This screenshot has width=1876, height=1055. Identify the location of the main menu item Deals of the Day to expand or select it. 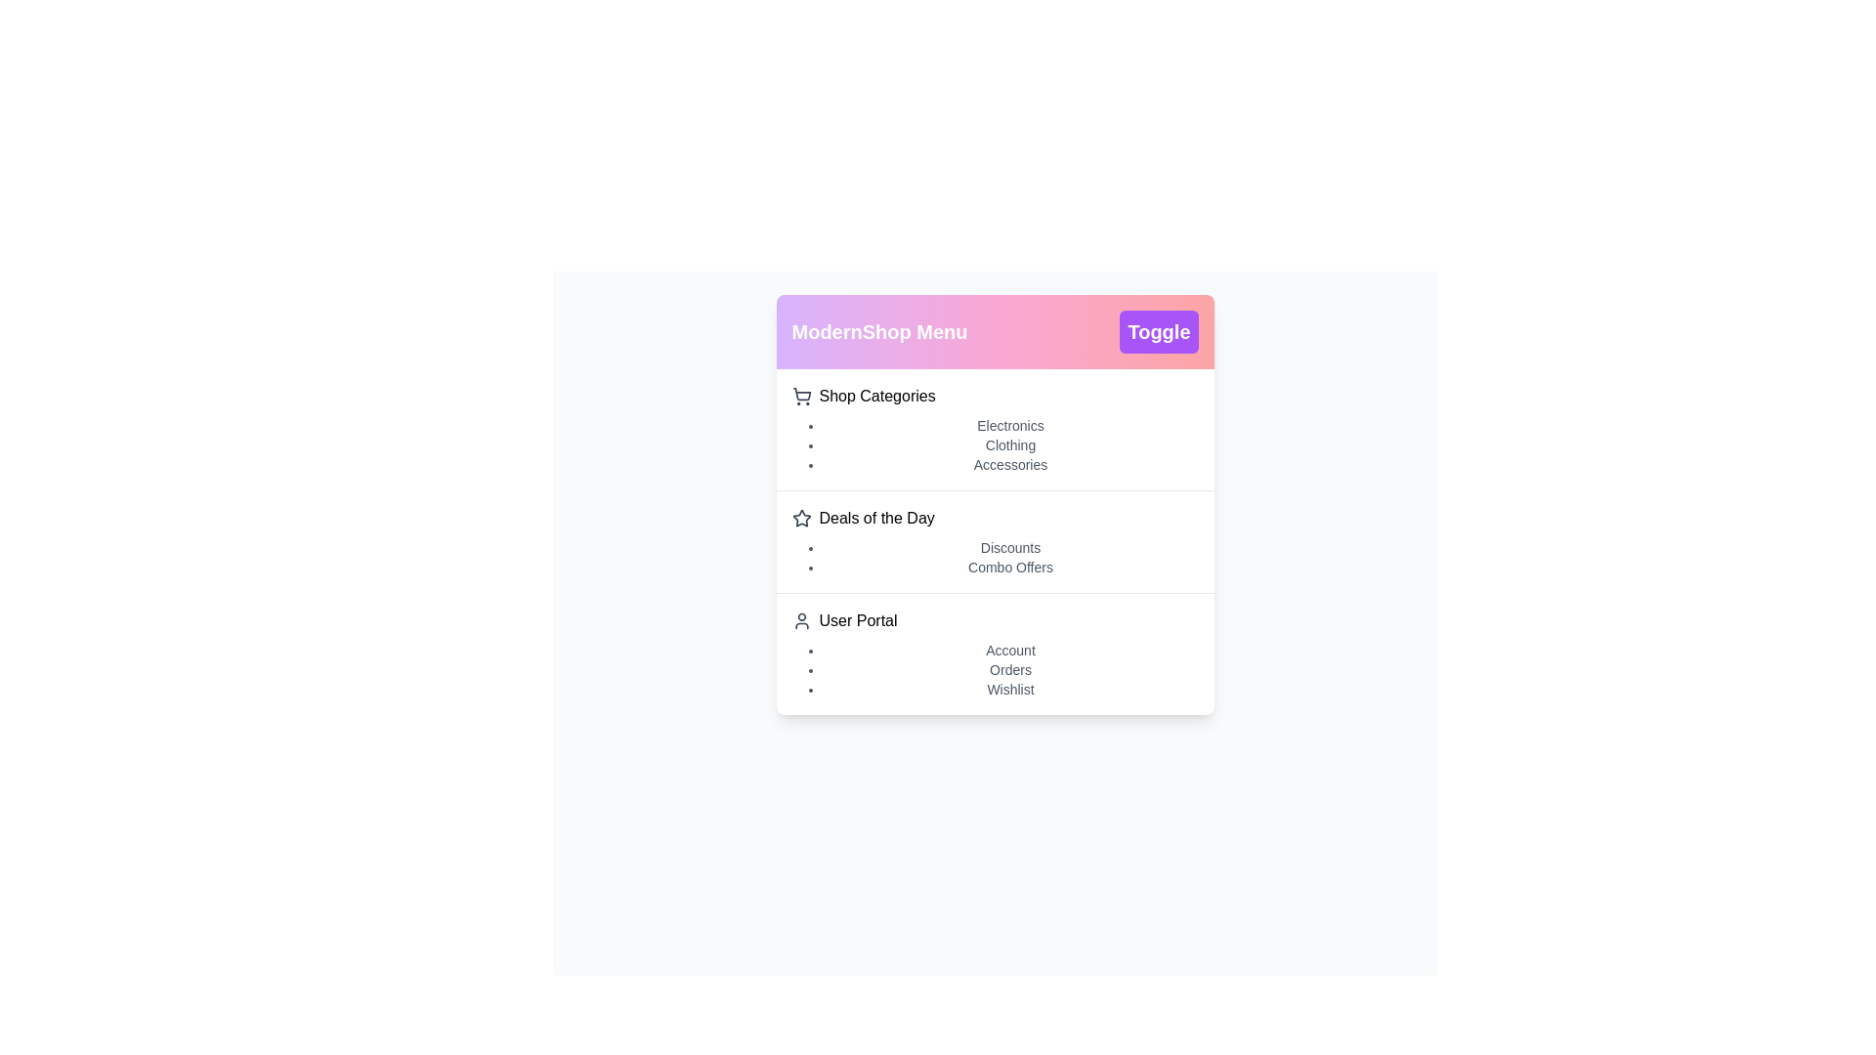
(995, 518).